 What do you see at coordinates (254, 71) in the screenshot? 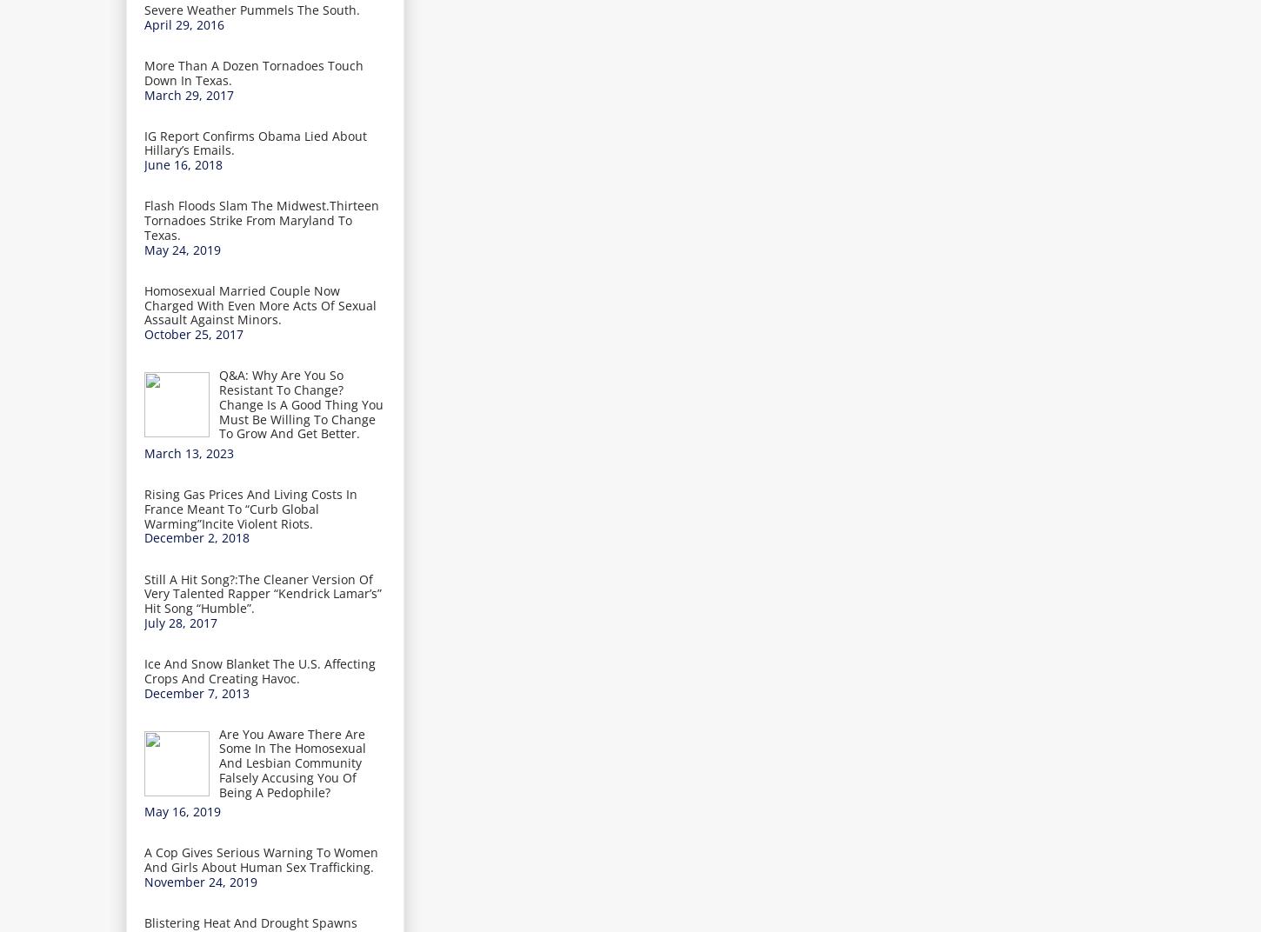
I see `'More Than A Dozen Tornadoes Touch Down In Texas.'` at bounding box center [254, 71].